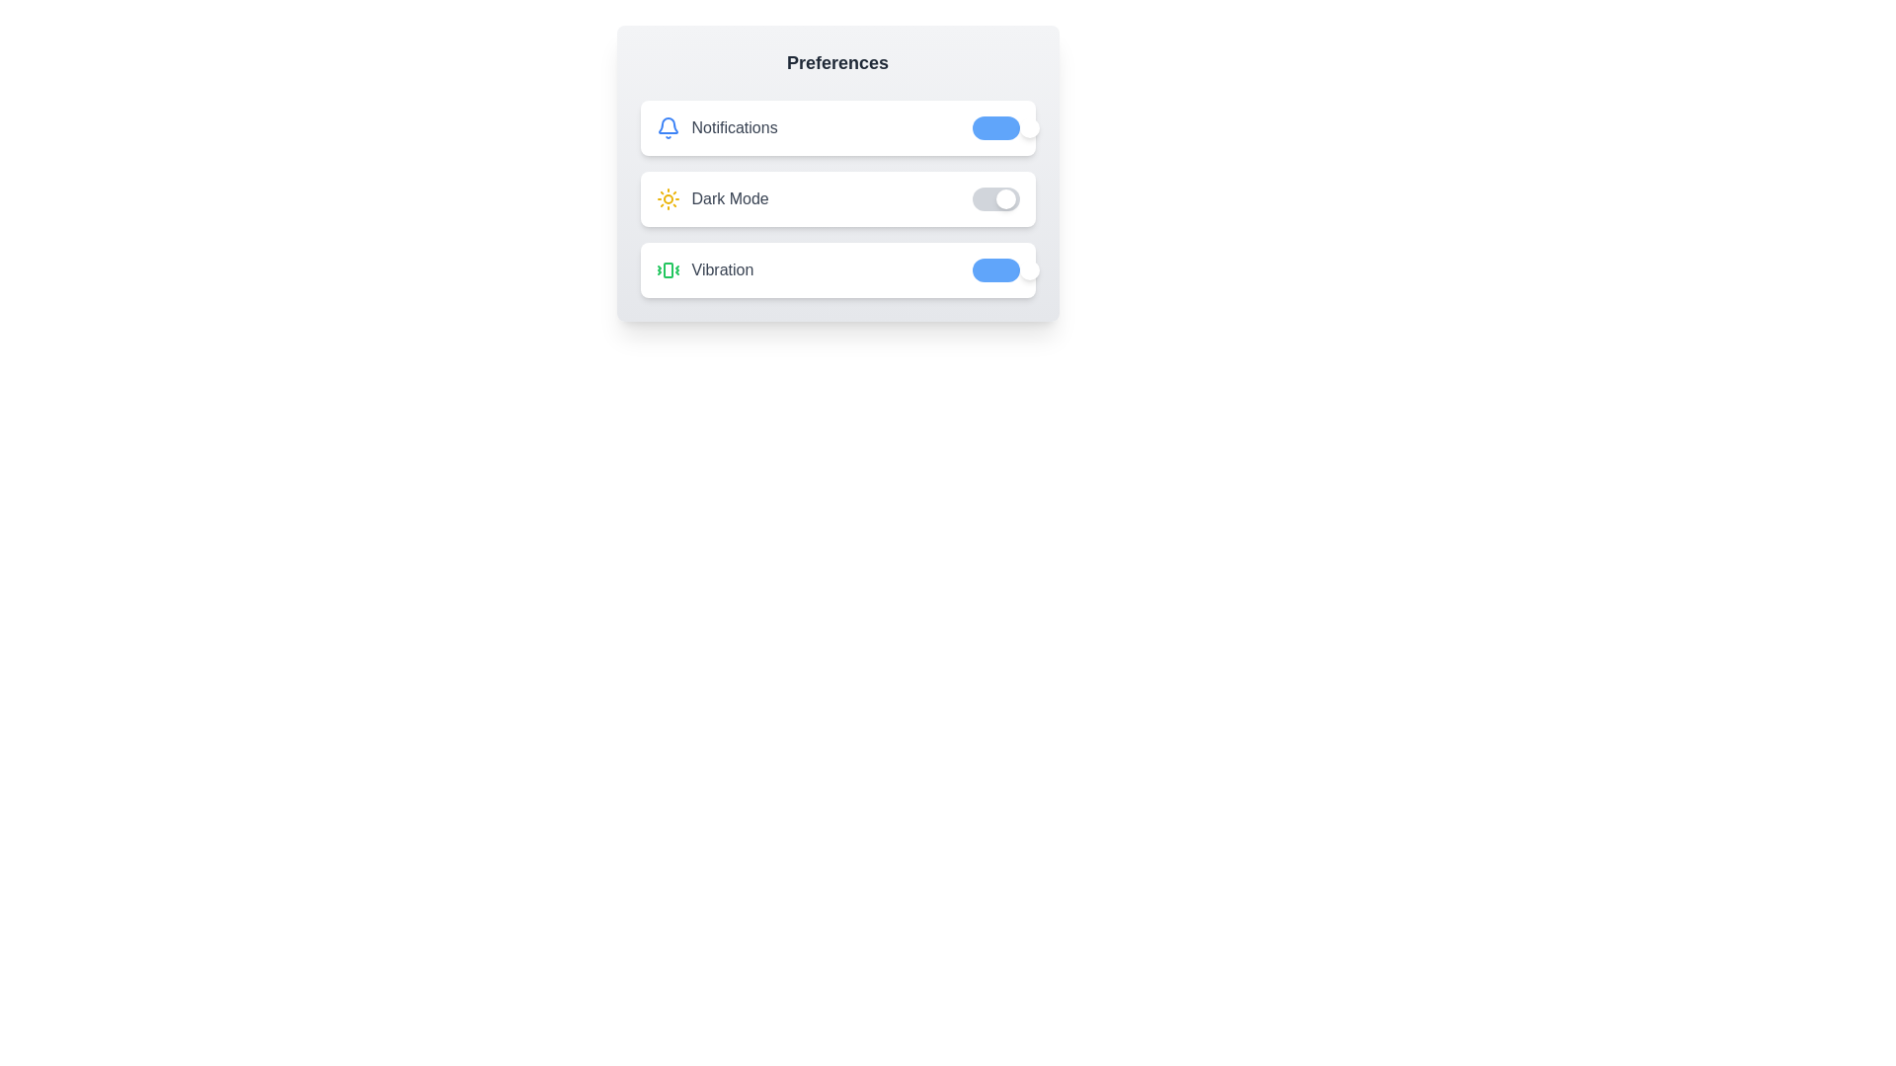 This screenshot has height=1066, width=1896. I want to click on the 'Vibration' text with icon label element, which features a green vibrating phone icon and is part of the 'Preferences' settings group, so click(704, 269).